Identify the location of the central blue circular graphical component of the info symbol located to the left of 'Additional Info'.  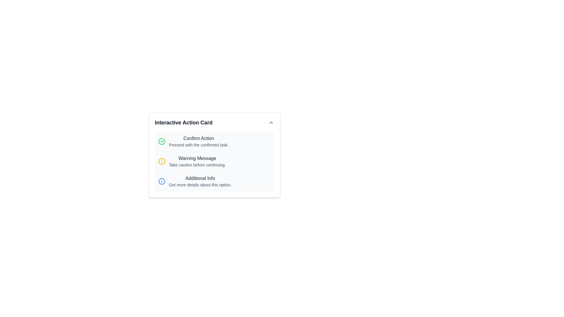
(162, 181).